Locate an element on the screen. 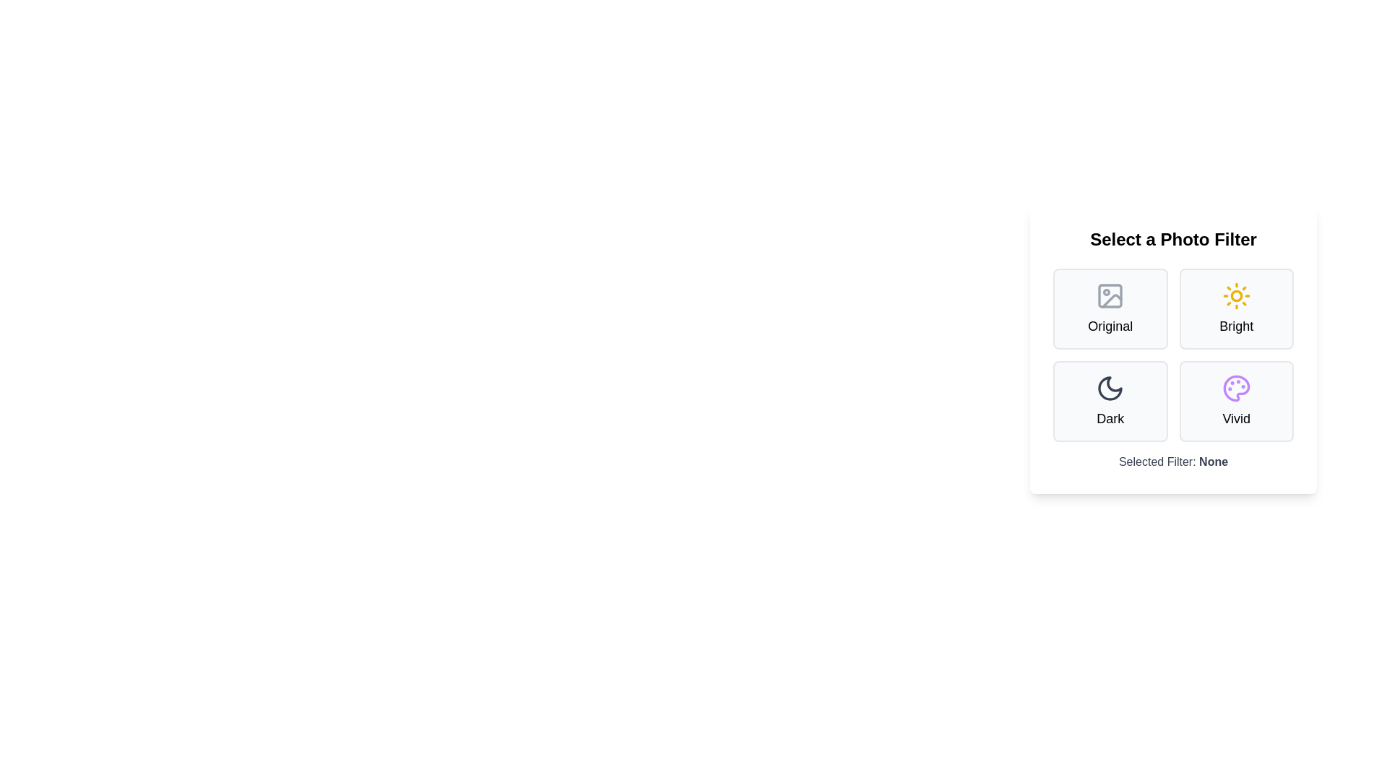  the filter Dark by clicking on its button is located at coordinates (1110, 401).